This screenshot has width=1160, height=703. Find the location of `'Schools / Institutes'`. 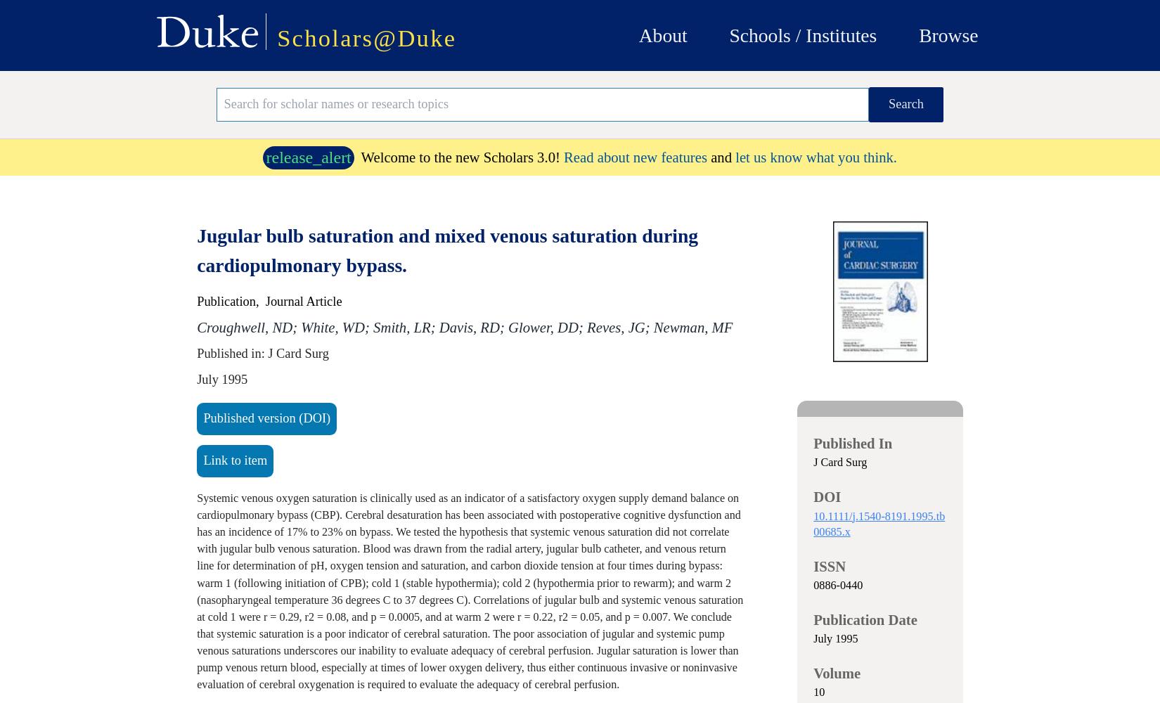

'Schools / Institutes' is located at coordinates (802, 34).